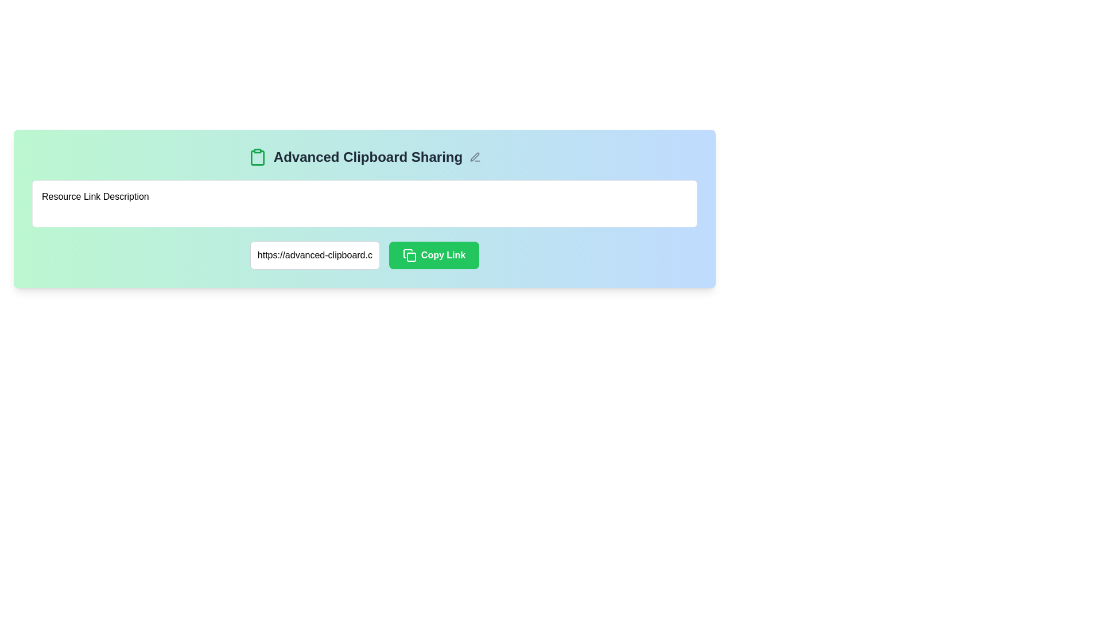 This screenshot has height=620, width=1102. I want to click on the 'Copy Link' button which contains an icon of two overlapping rectangles, symbolizing the copy action, so click(409, 254).